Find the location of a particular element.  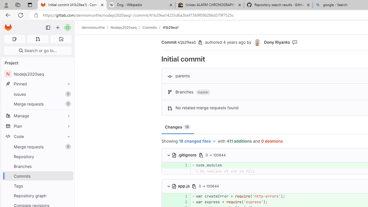

'Tags' is located at coordinates (37, 186).